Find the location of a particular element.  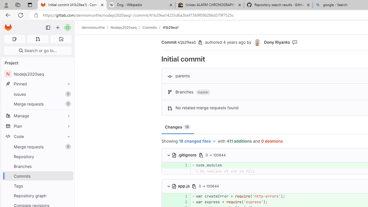

'Tags' is located at coordinates (37, 186).